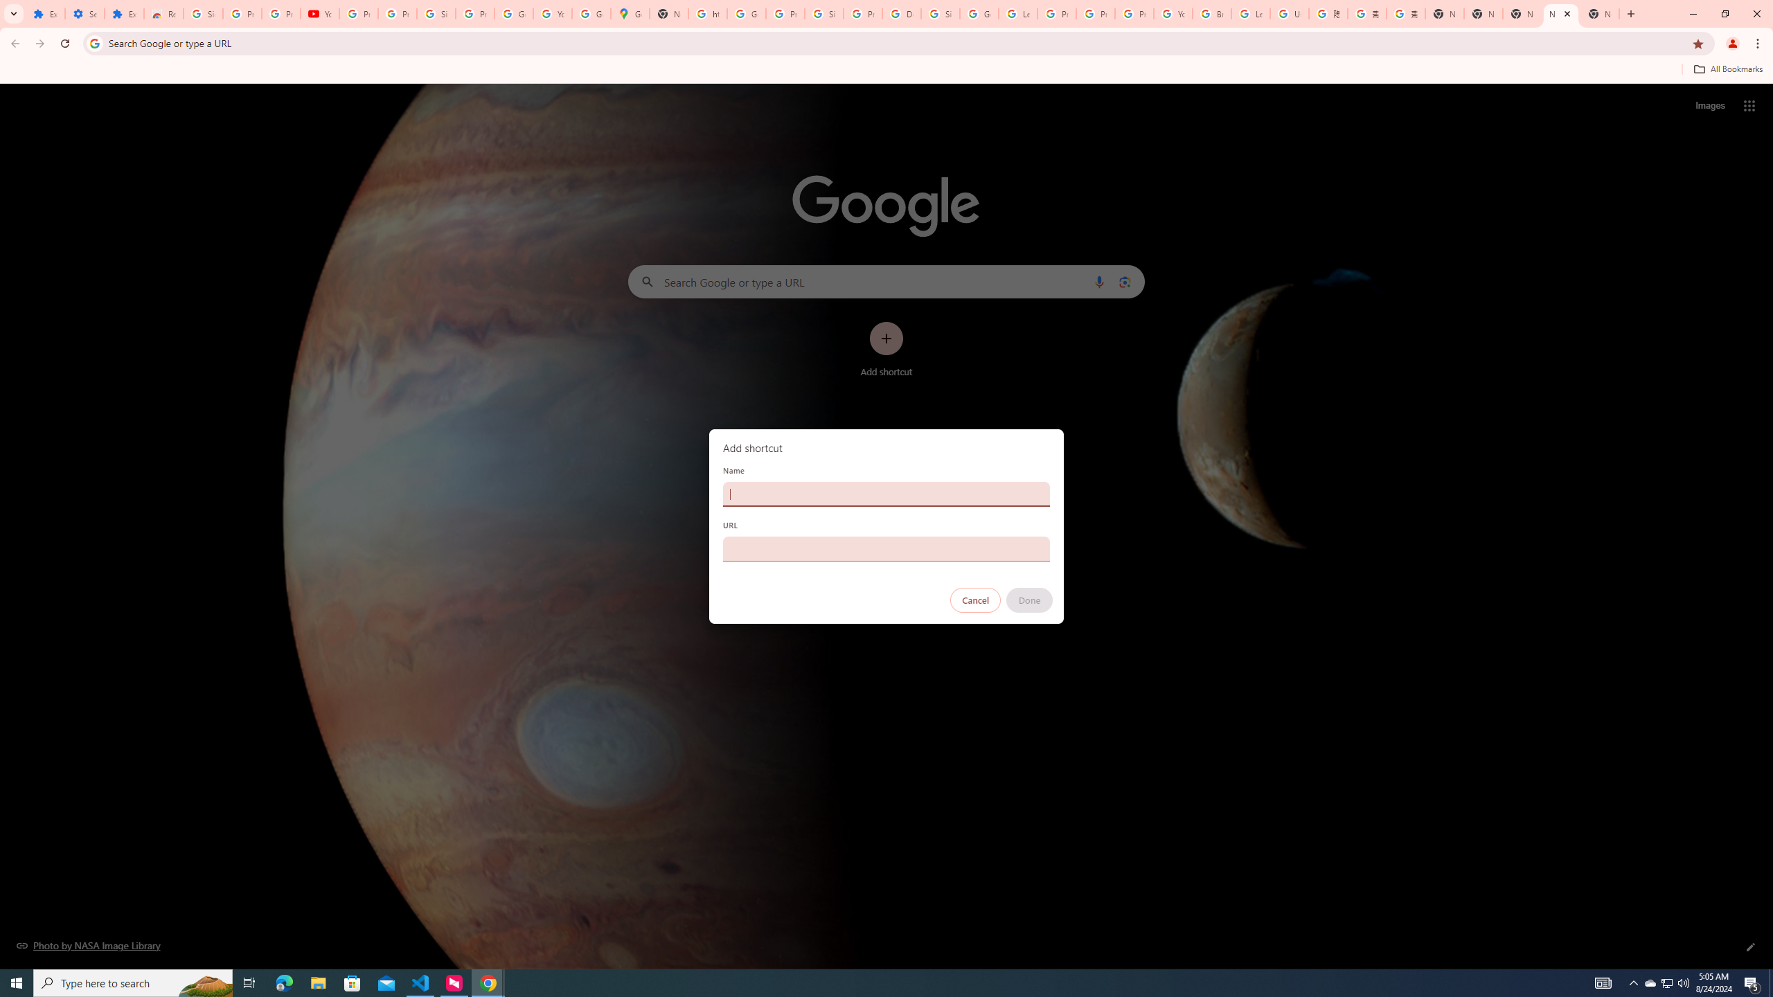  Describe the element at coordinates (1095, 13) in the screenshot. I see `'Privacy Help Center - Policies Help'` at that location.